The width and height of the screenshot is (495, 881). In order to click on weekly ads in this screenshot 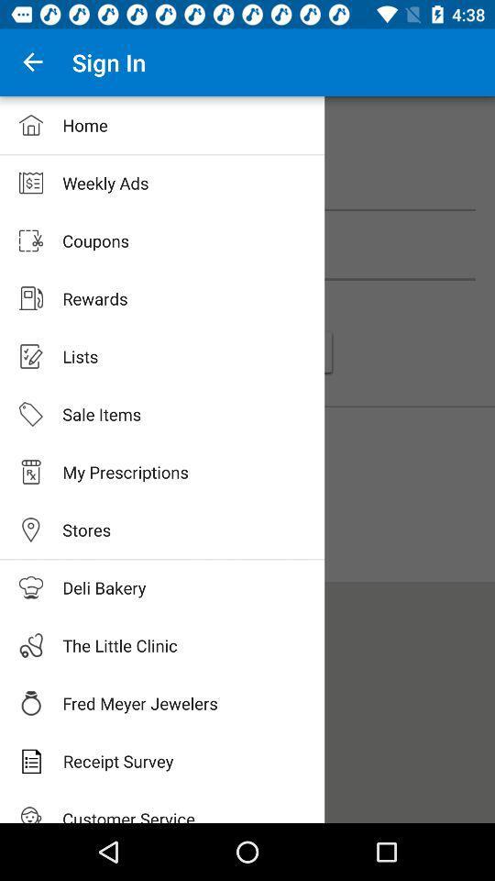, I will do `click(247, 193)`.